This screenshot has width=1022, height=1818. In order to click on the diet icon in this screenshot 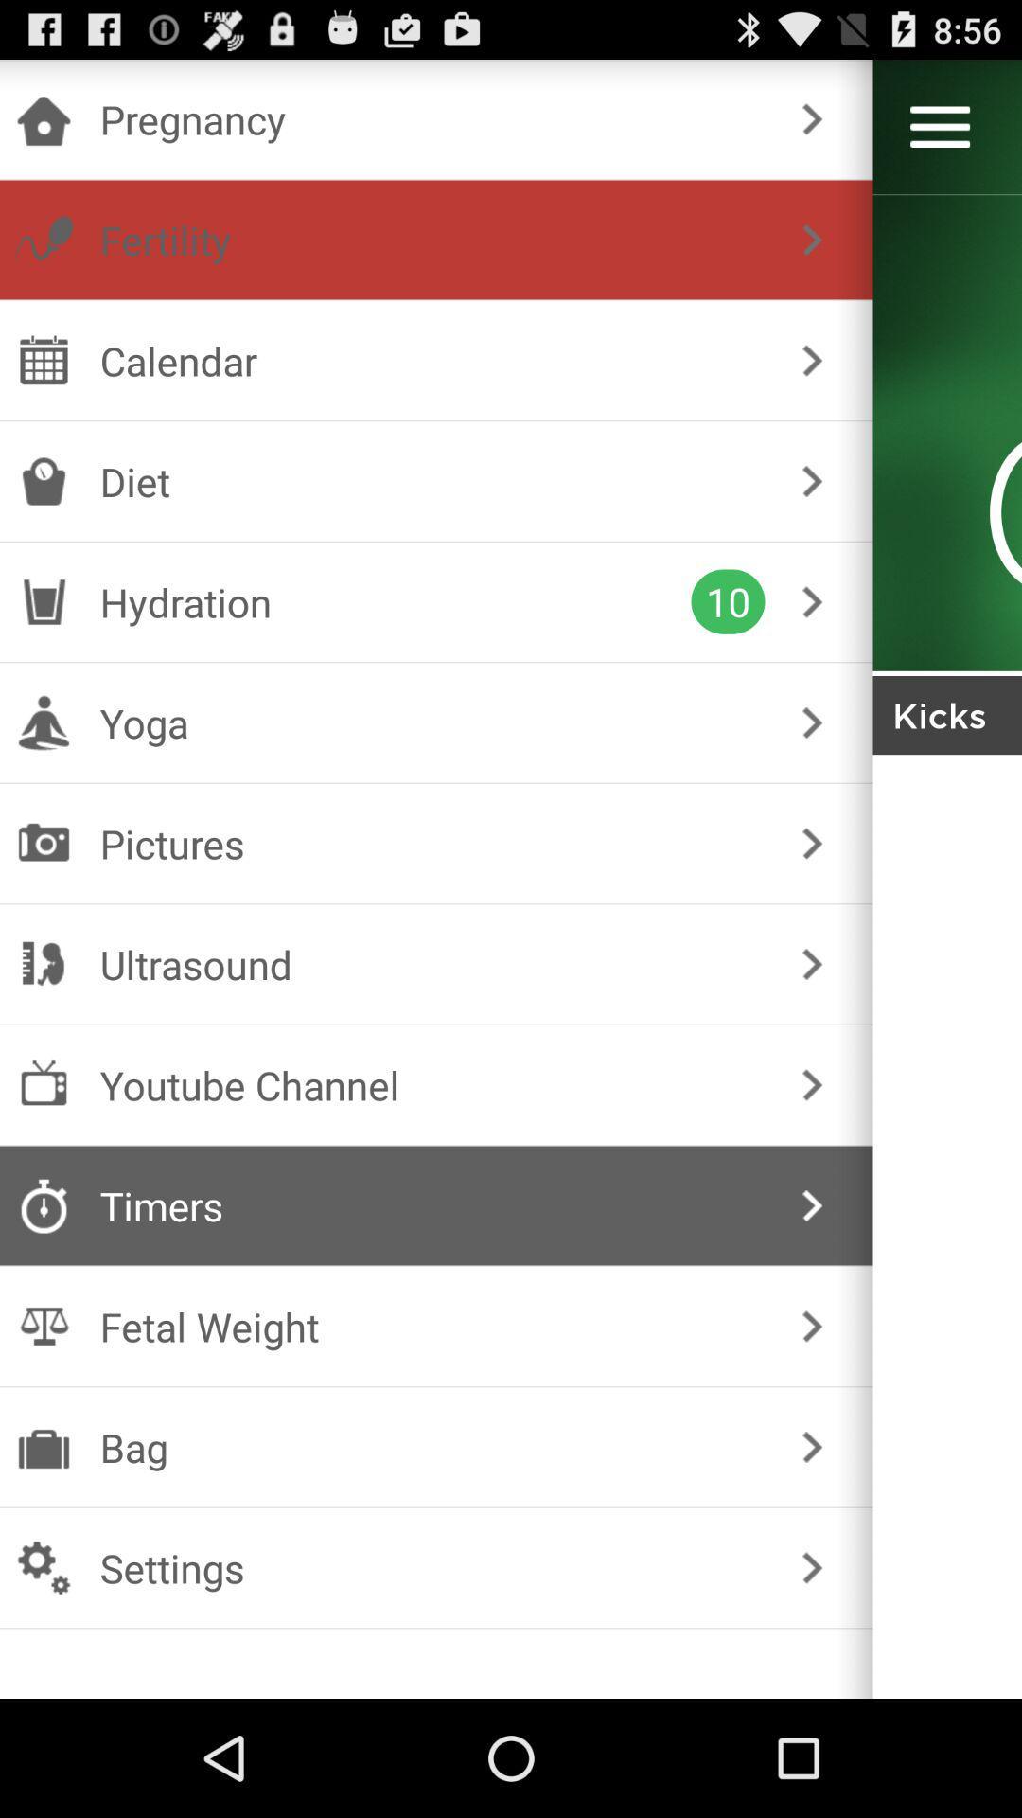, I will do `click(432, 481)`.